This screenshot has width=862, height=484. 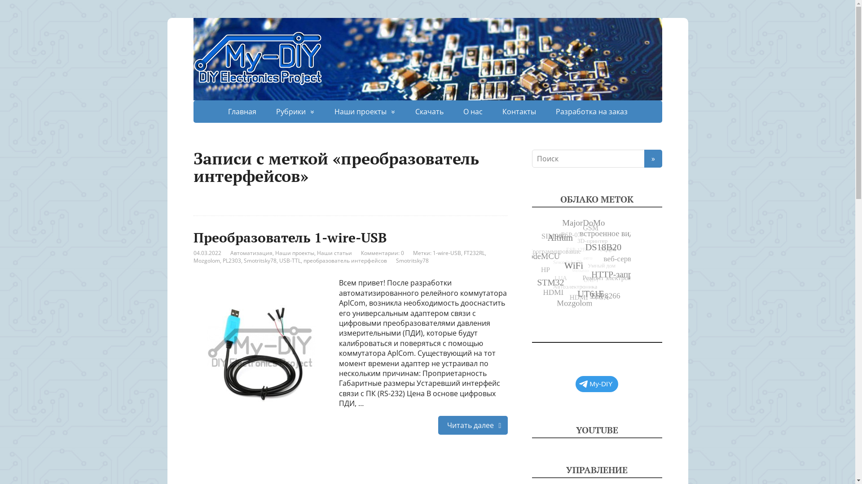 What do you see at coordinates (259, 260) in the screenshot?
I see `'Smotritsky78'` at bounding box center [259, 260].